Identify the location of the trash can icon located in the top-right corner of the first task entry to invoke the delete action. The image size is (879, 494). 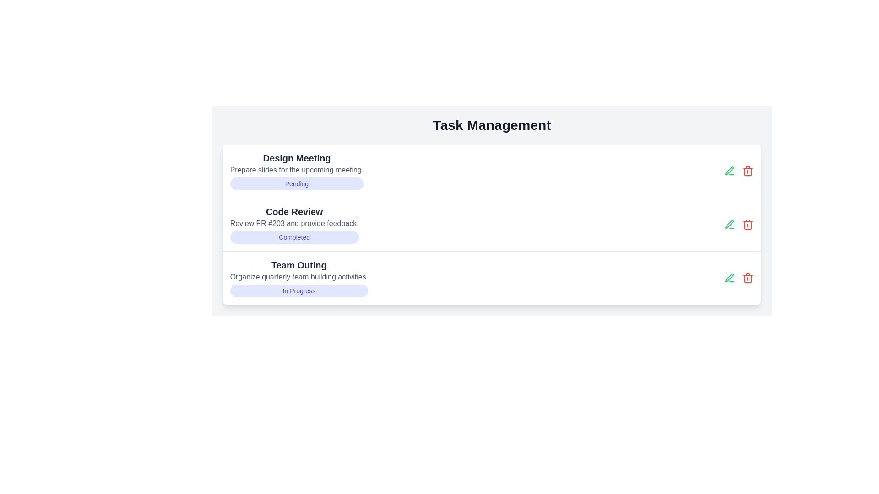
(748, 172).